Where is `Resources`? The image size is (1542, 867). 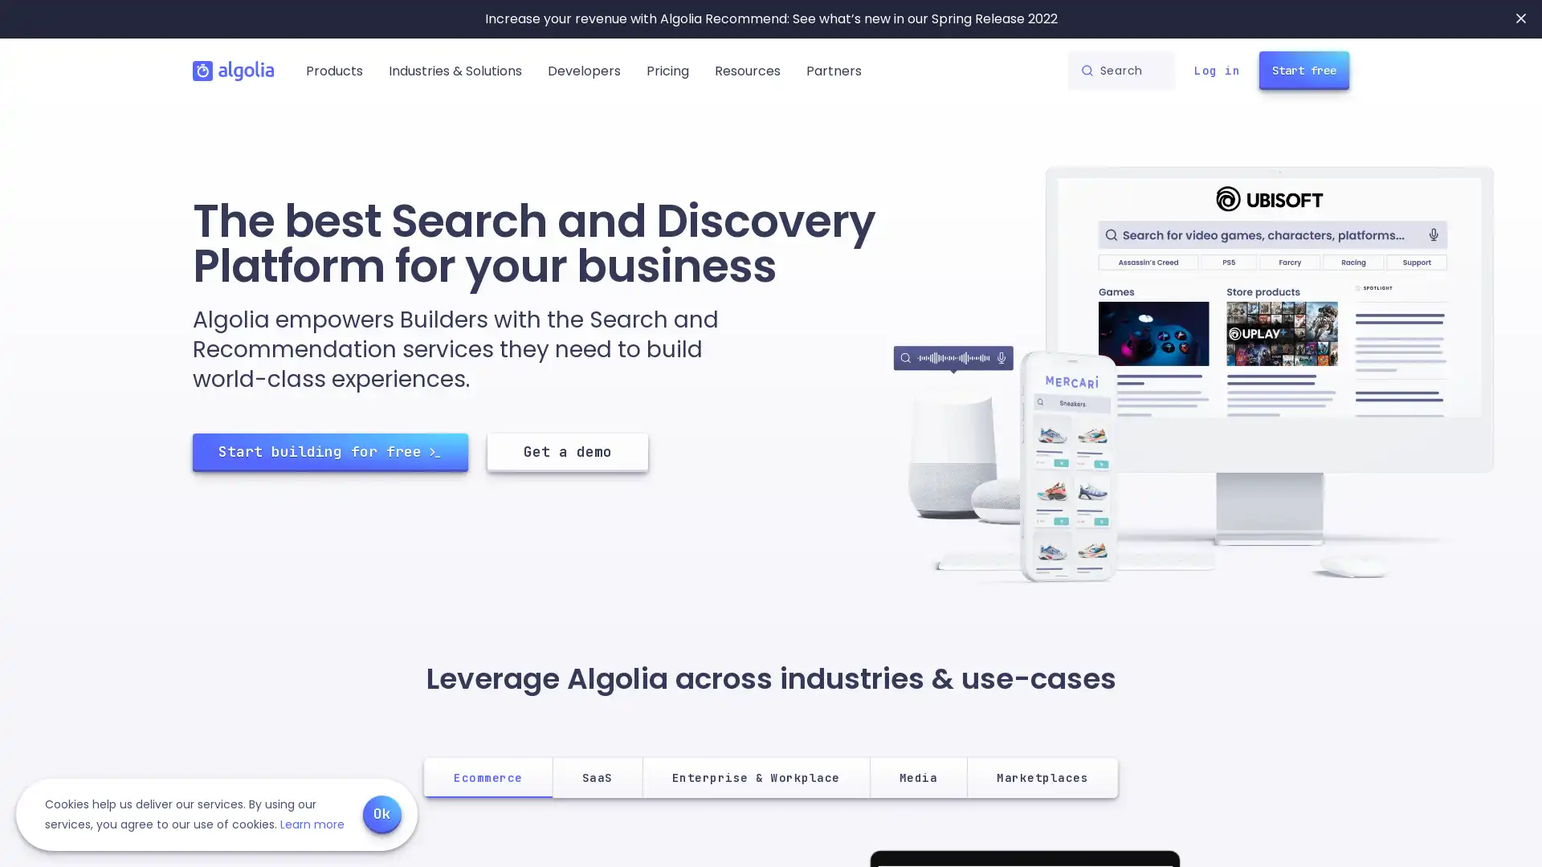
Resources is located at coordinates (753, 70).